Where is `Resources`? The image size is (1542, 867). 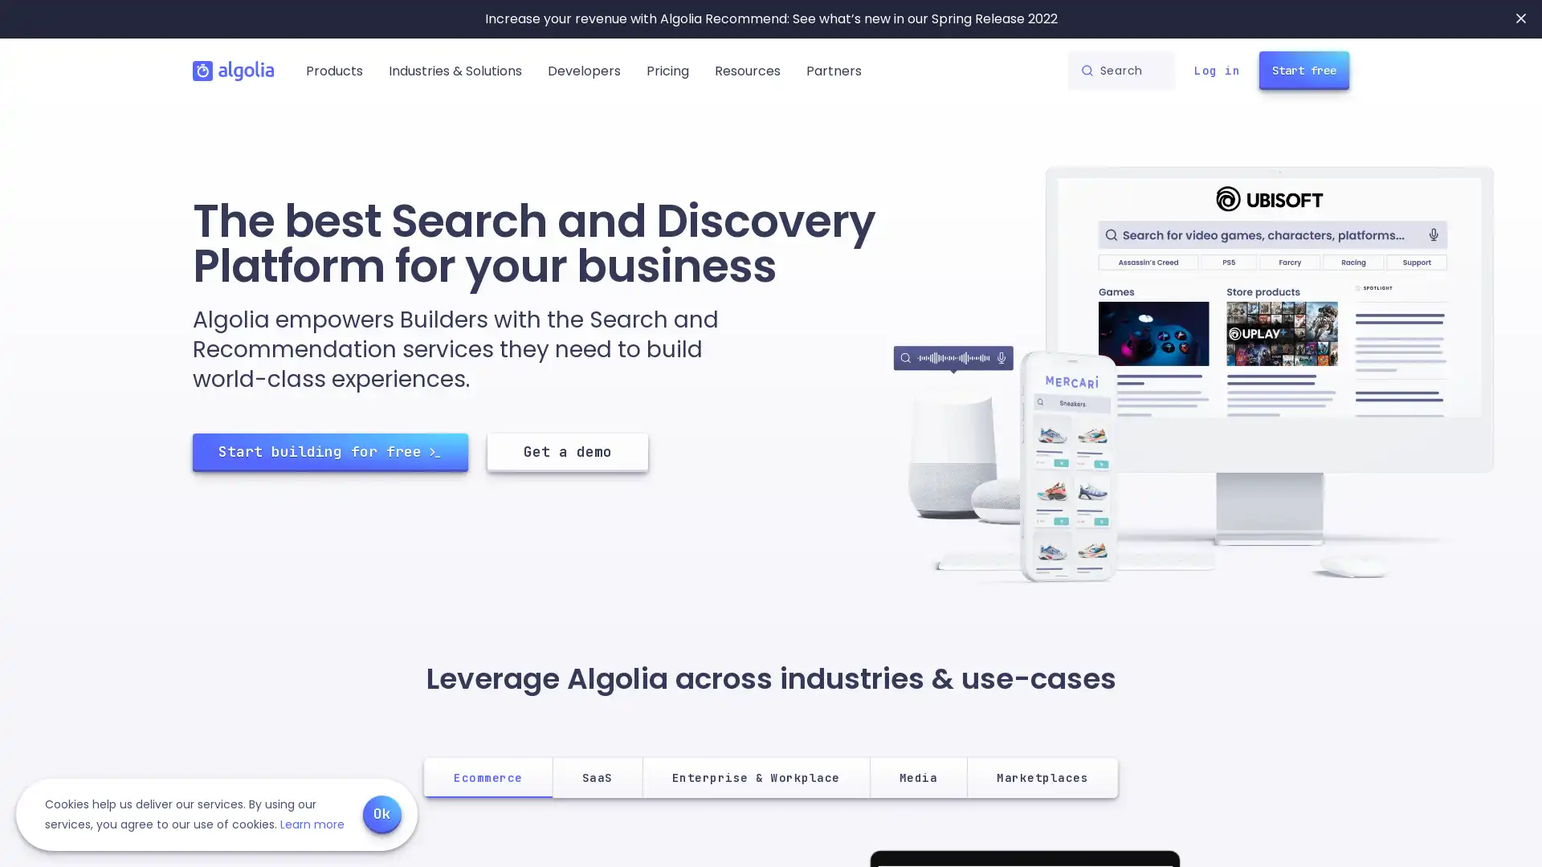
Resources is located at coordinates (753, 70).